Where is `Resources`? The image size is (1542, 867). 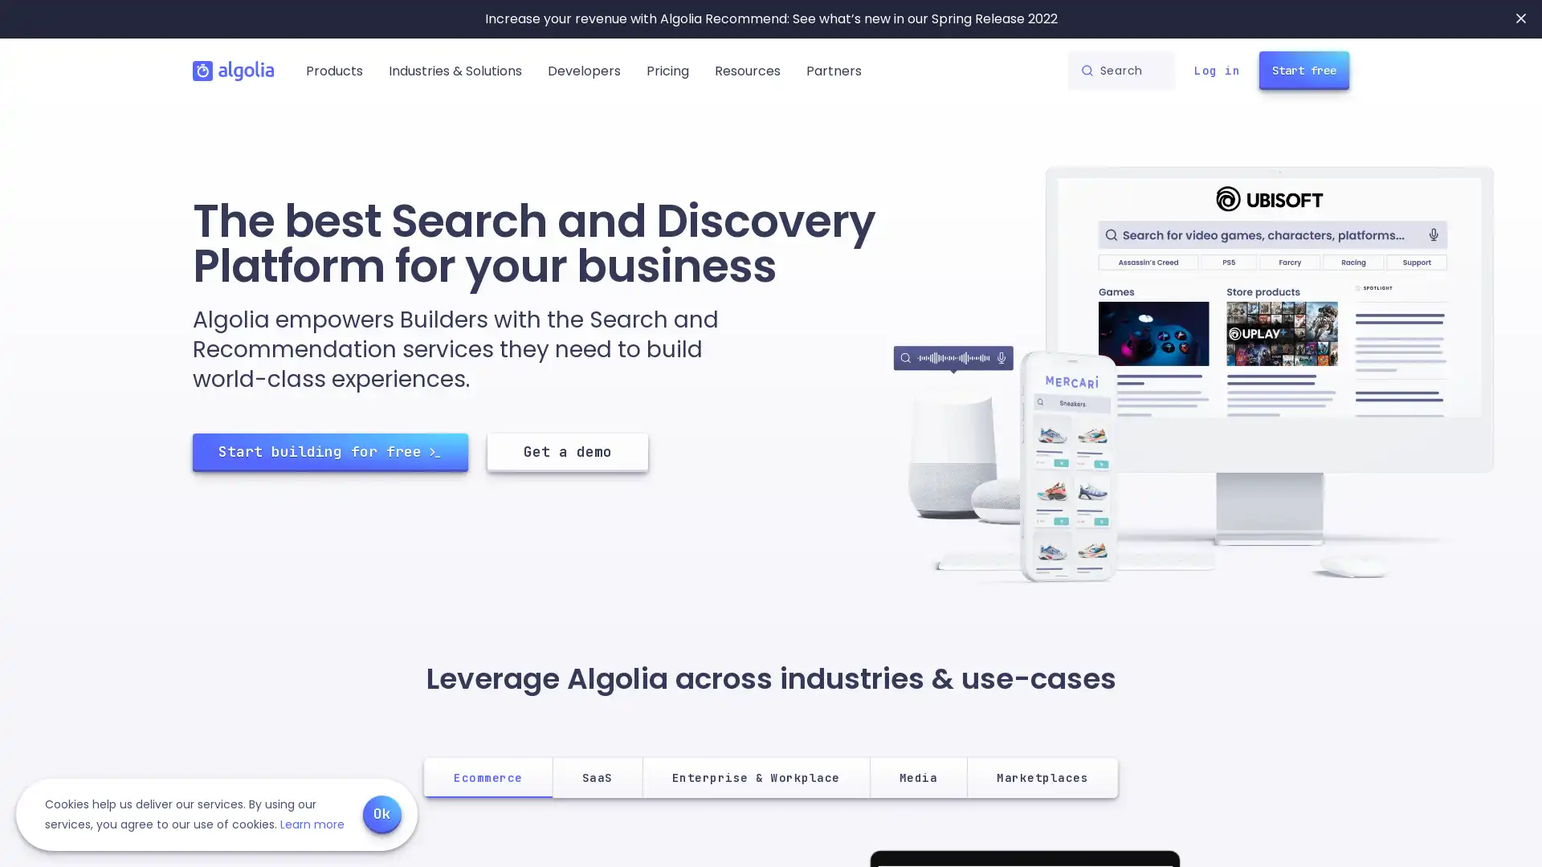
Resources is located at coordinates (753, 70).